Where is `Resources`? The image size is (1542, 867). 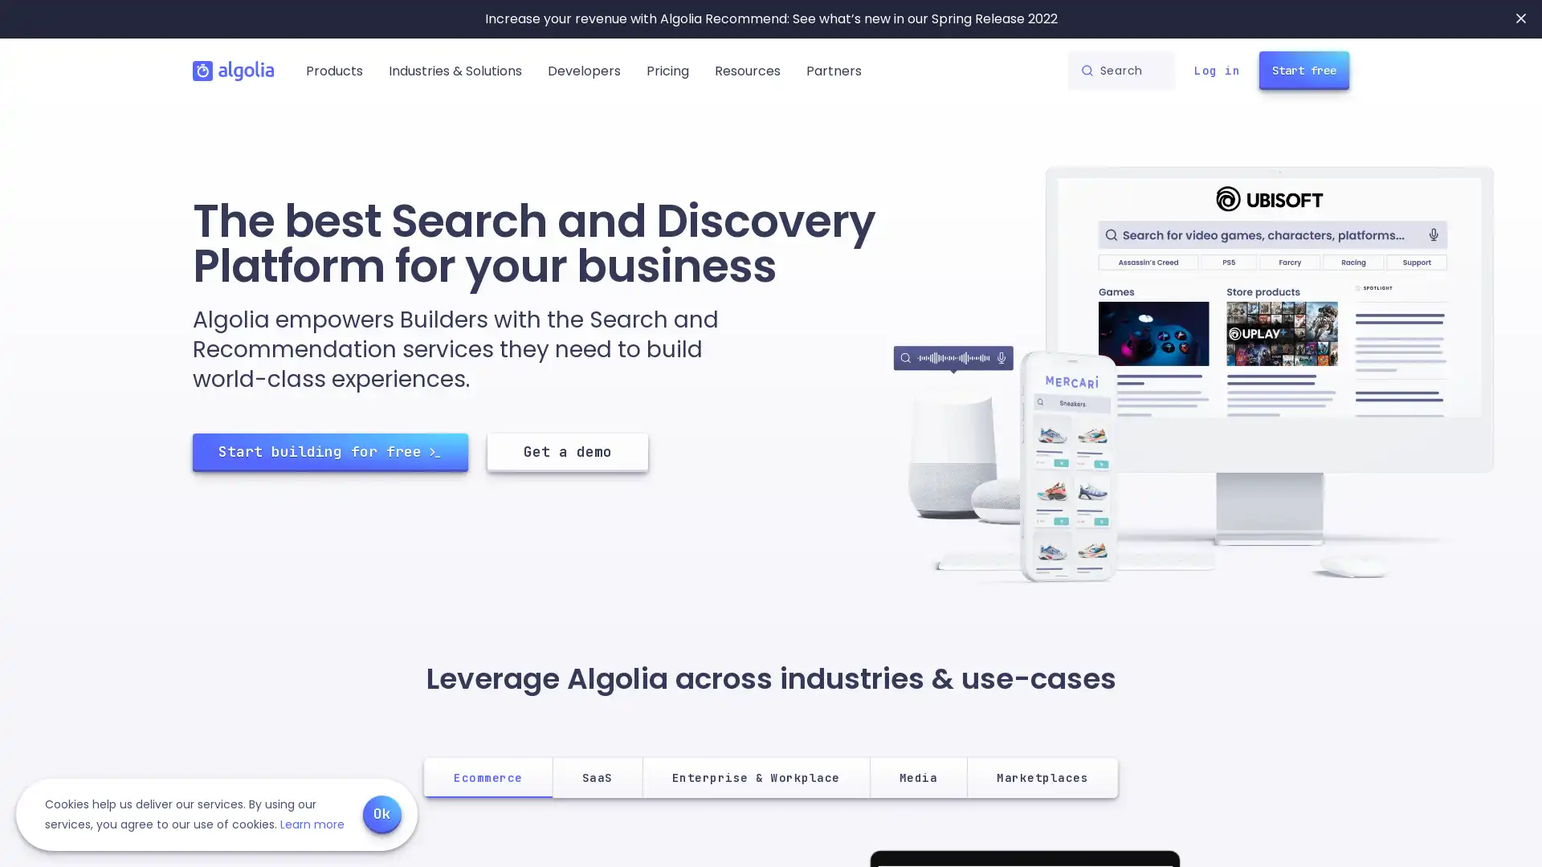
Resources is located at coordinates (753, 70).